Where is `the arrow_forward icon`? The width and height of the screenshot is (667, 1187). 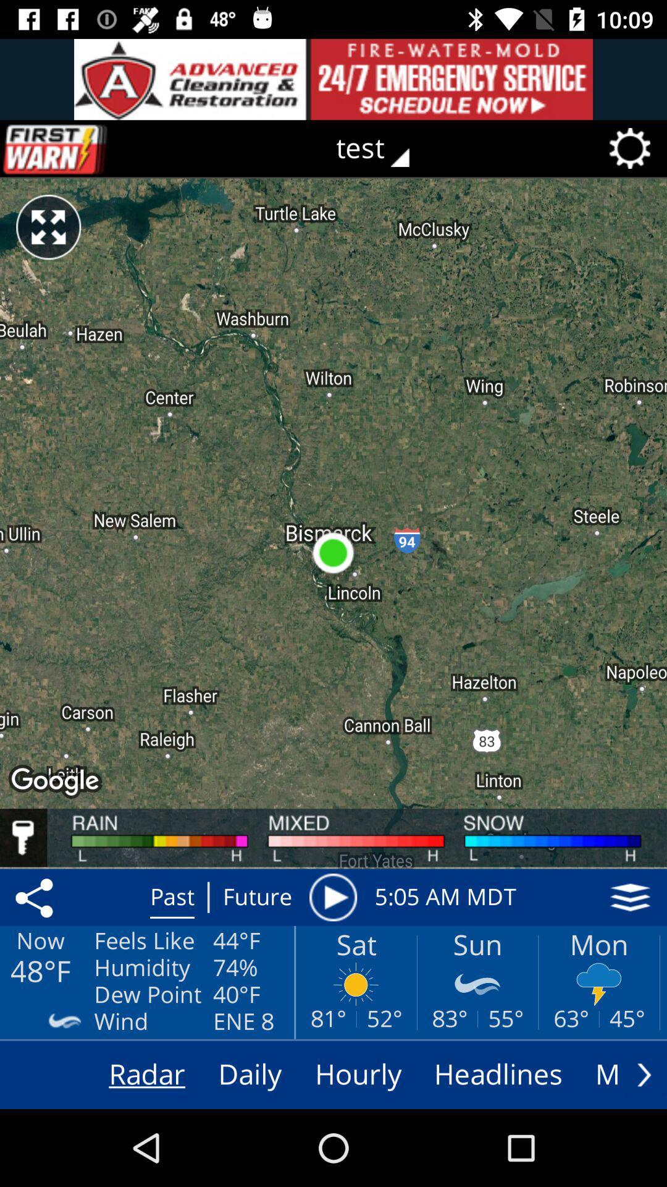 the arrow_forward icon is located at coordinates (644, 1074).